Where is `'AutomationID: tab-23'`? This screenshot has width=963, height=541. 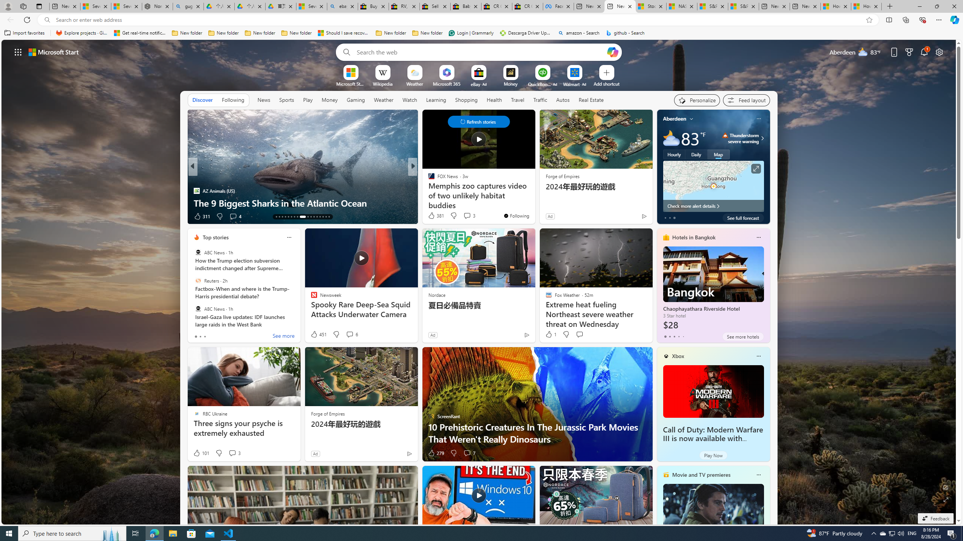
'AutomationID: tab-23' is located at coordinates (311, 217).